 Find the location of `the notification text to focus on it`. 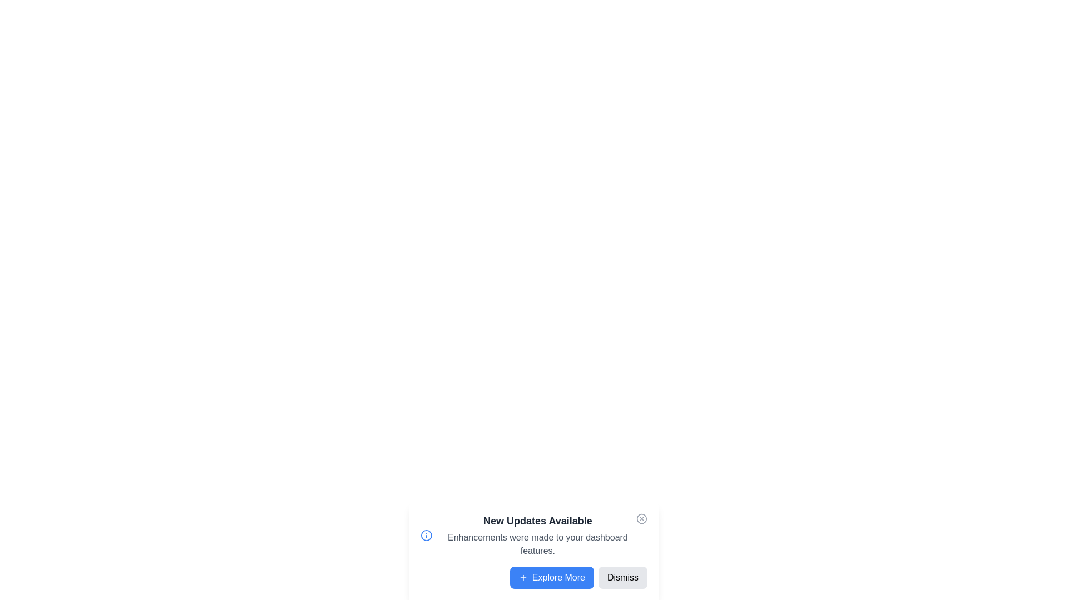

the notification text to focus on it is located at coordinates (537, 535).